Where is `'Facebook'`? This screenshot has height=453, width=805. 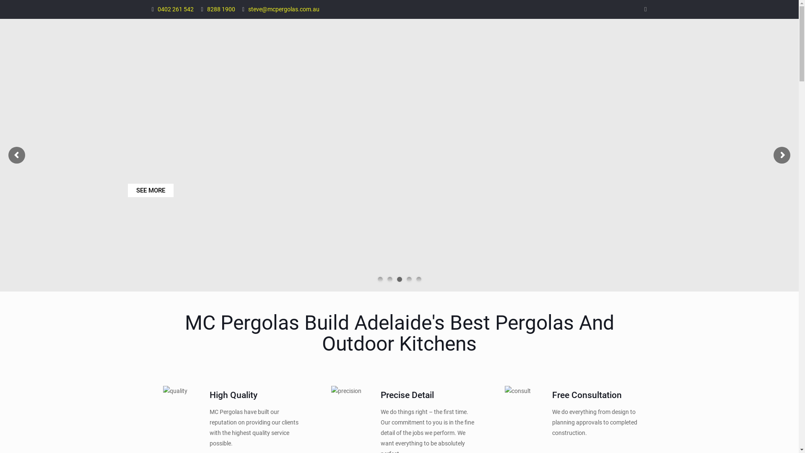
'Facebook' is located at coordinates (645, 9).